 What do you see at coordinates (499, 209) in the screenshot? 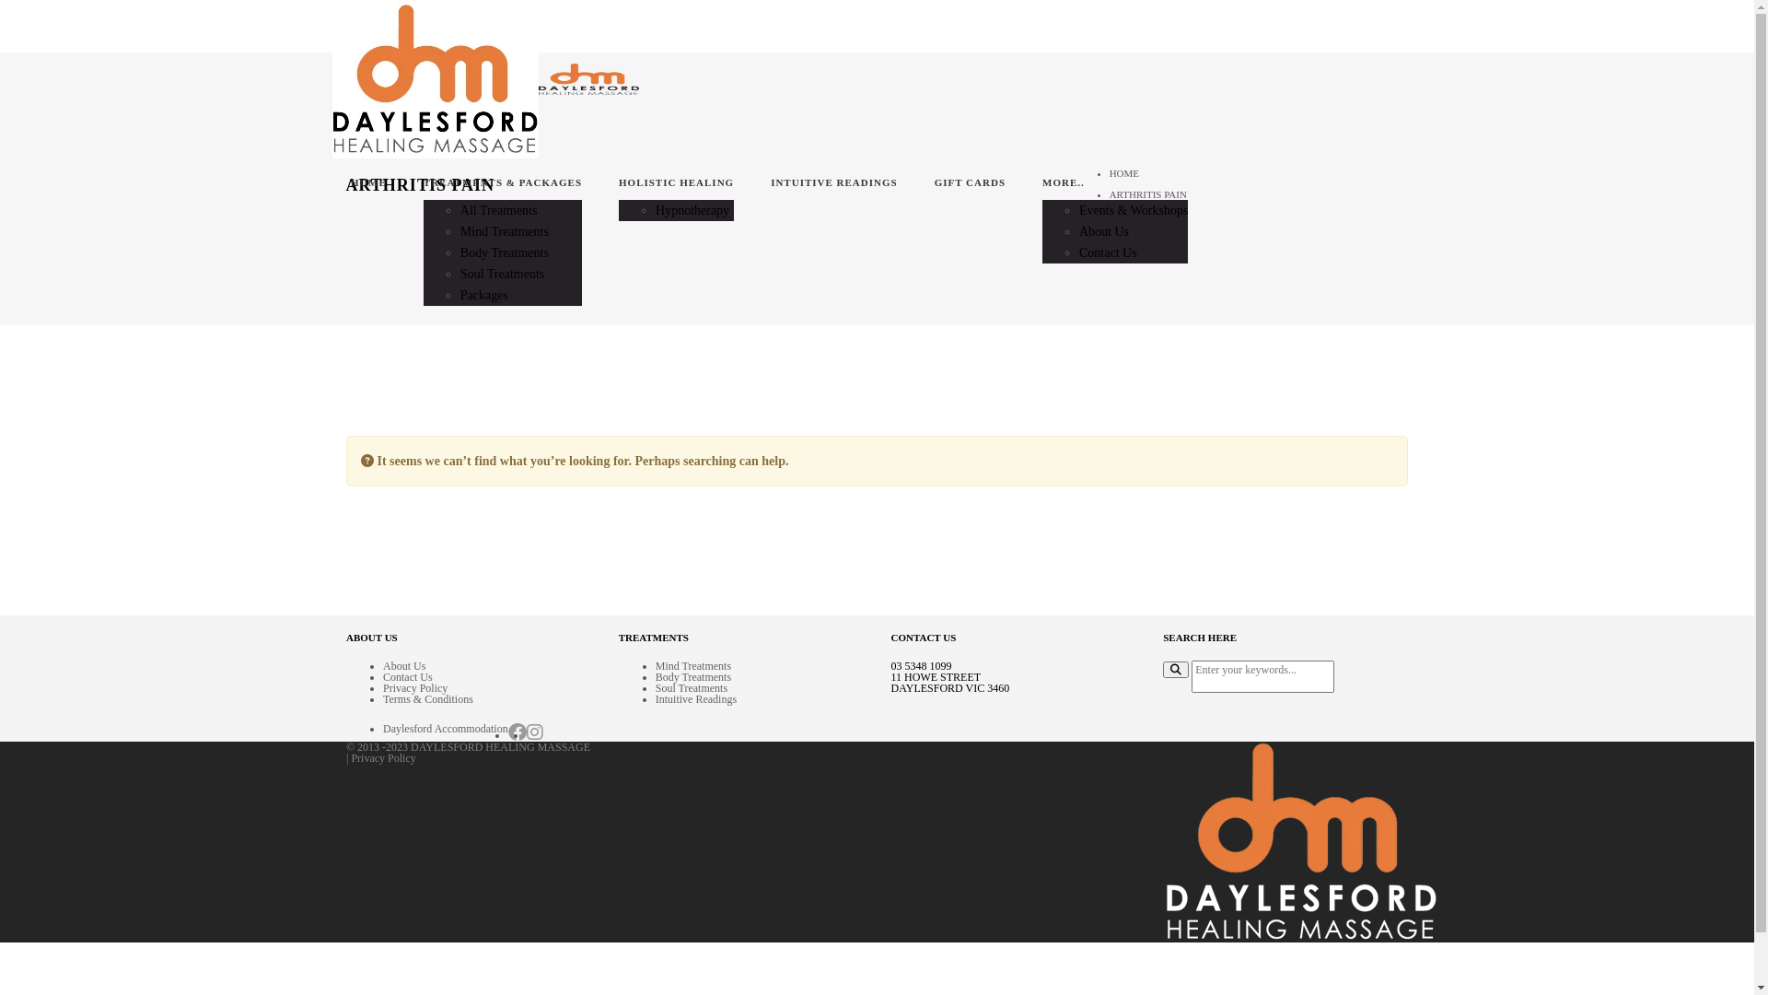
I see `'All Treatments'` at bounding box center [499, 209].